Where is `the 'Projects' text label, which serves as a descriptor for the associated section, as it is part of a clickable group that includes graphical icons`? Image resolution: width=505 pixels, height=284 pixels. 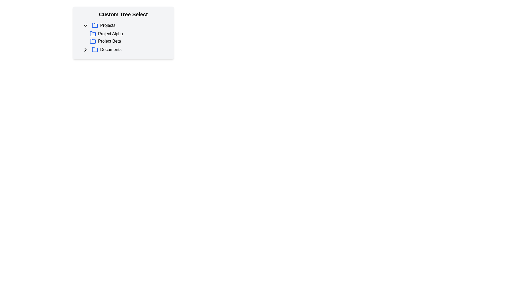
the 'Projects' text label, which serves as a descriptor for the associated section, as it is part of a clickable group that includes graphical icons is located at coordinates (107, 25).